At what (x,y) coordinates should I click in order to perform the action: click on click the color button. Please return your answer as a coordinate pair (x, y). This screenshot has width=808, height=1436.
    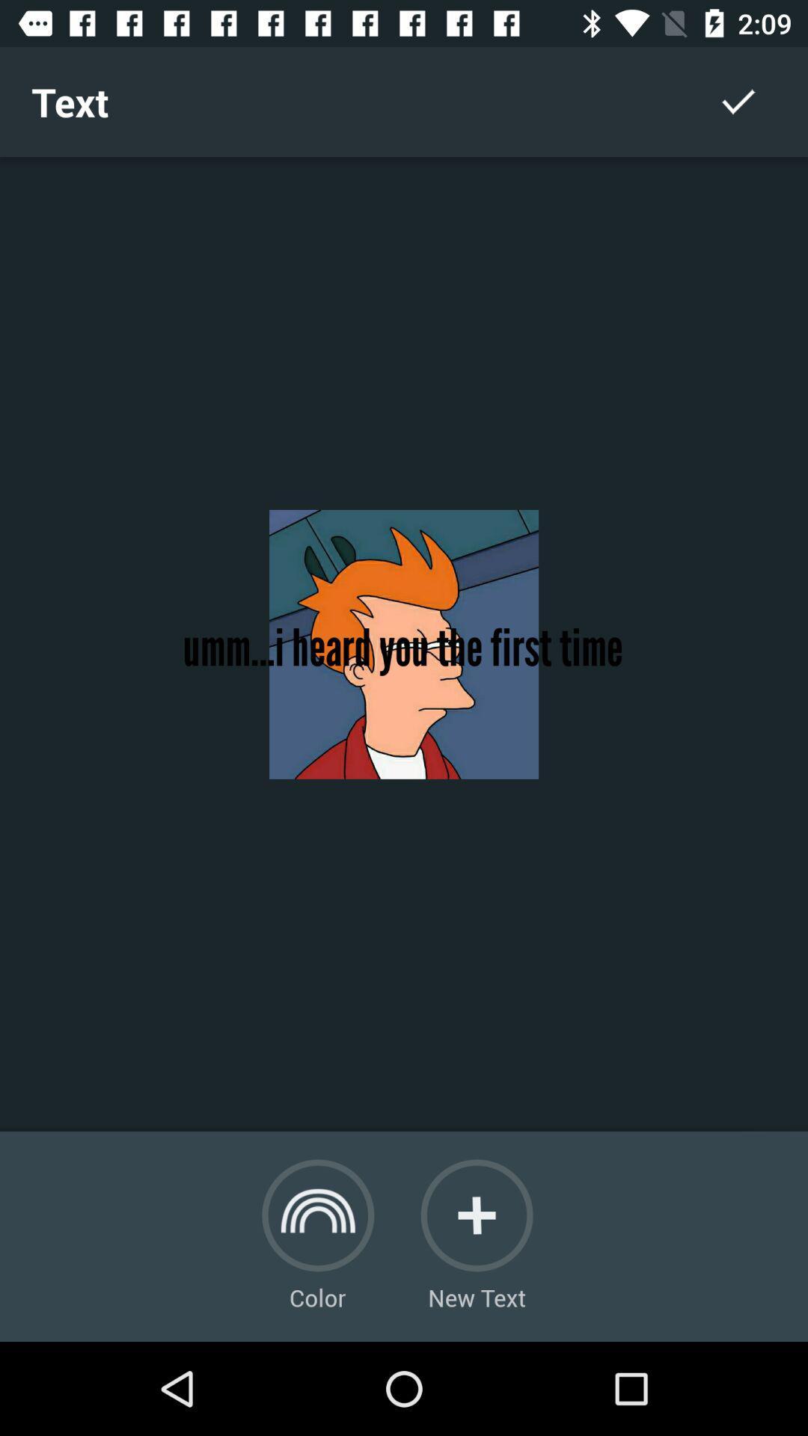
    Looking at the image, I should click on (317, 1215).